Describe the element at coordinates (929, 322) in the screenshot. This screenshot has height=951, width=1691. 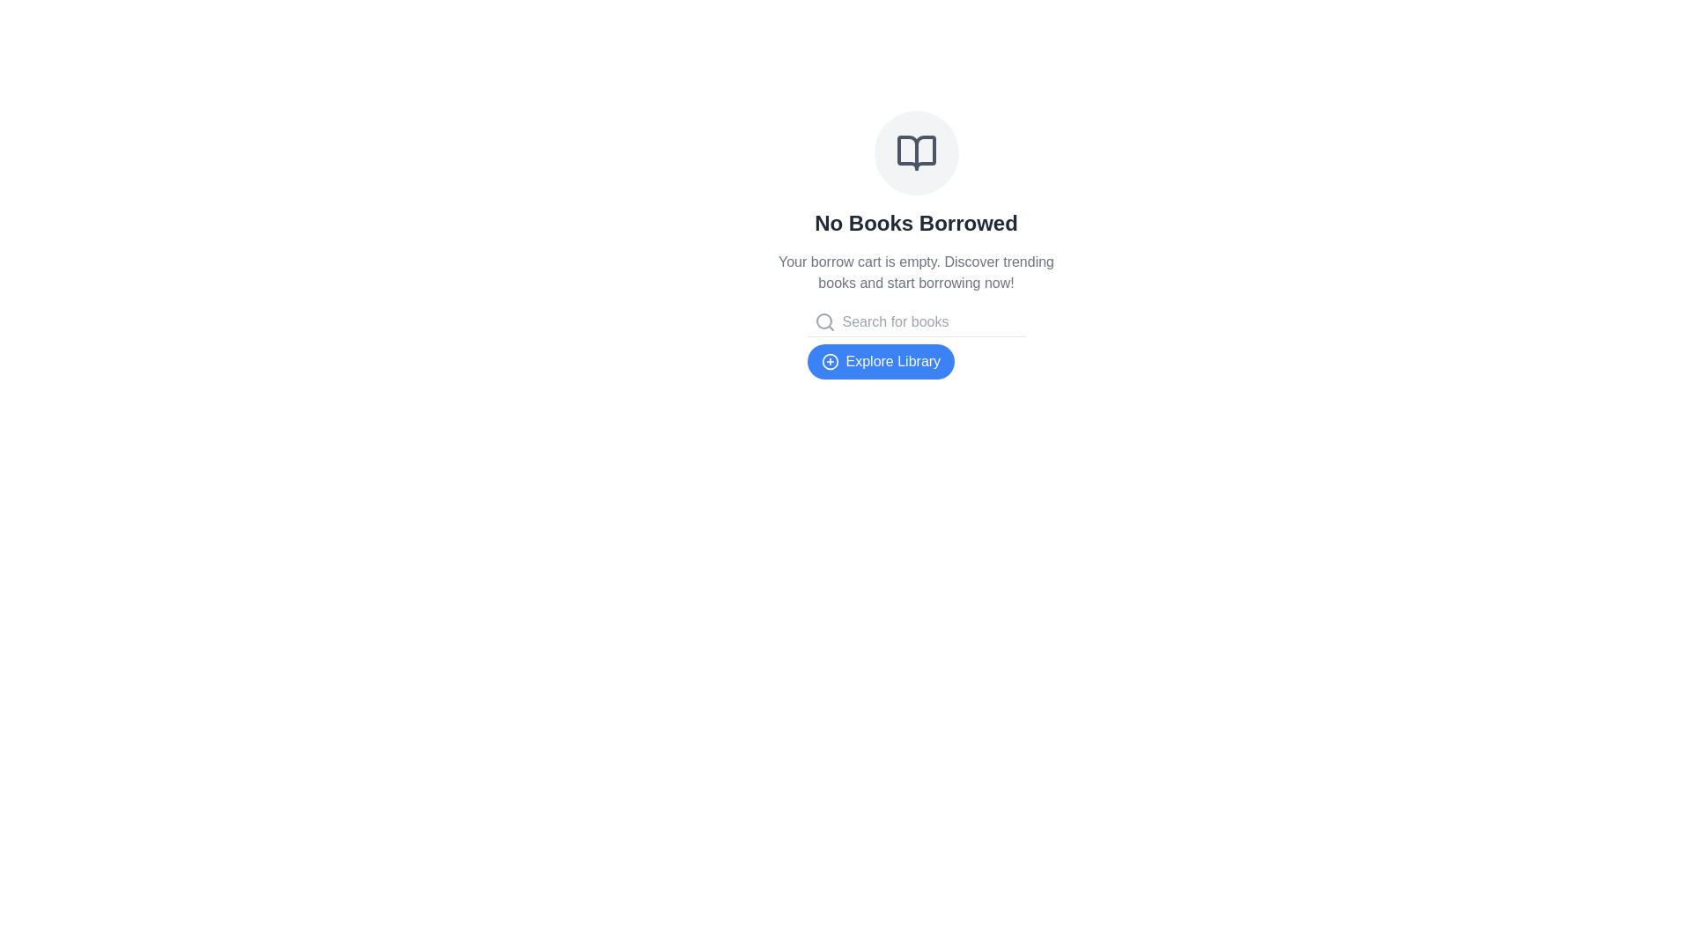
I see `the search bar text input field located beneath the 'No Books Borrowed' header to focus on it` at that location.